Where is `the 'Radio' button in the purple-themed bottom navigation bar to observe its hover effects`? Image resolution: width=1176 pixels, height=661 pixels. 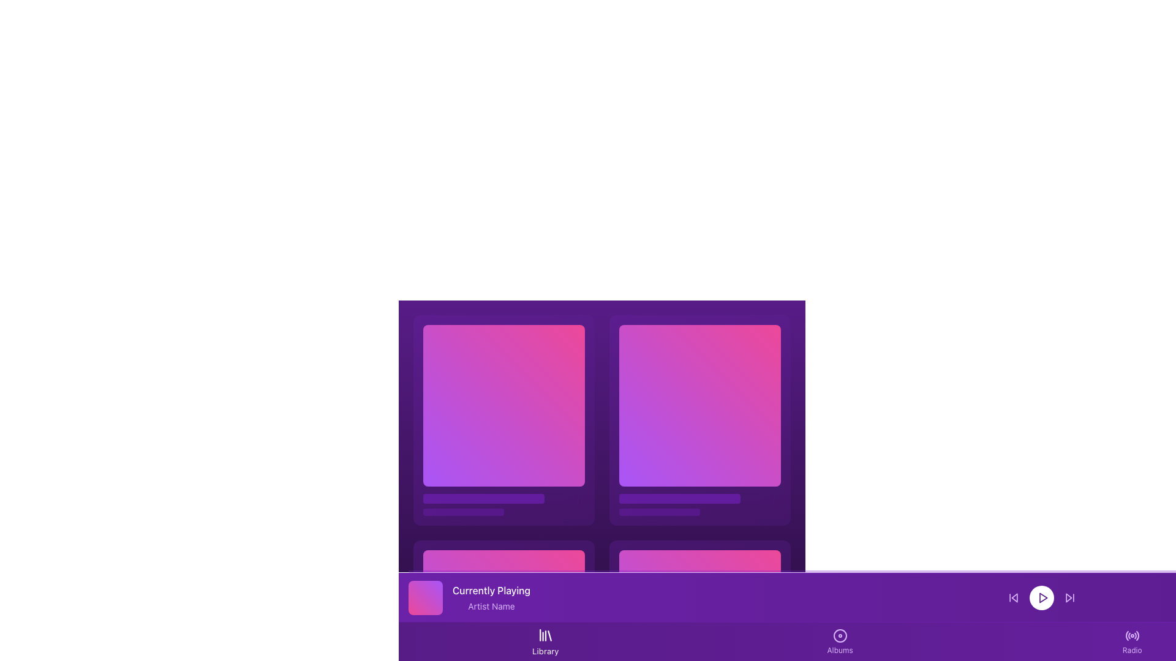 the 'Radio' button in the purple-themed bottom navigation bar to observe its hover effects is located at coordinates (1131, 641).